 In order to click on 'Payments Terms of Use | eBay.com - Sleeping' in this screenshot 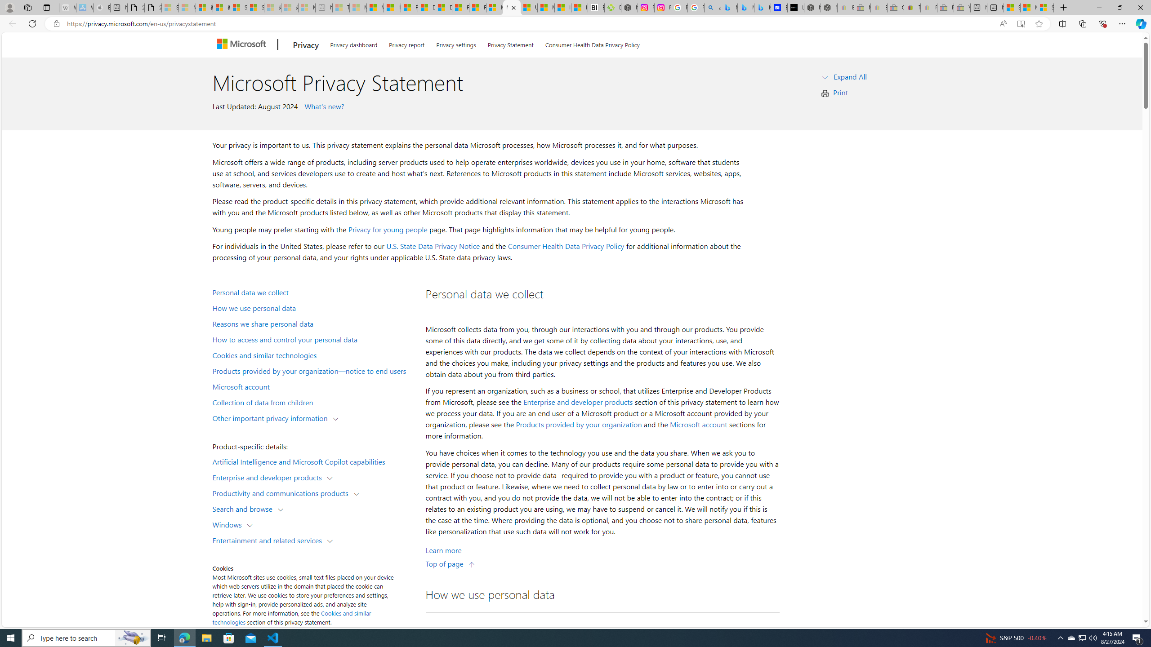, I will do `click(928, 7)`.